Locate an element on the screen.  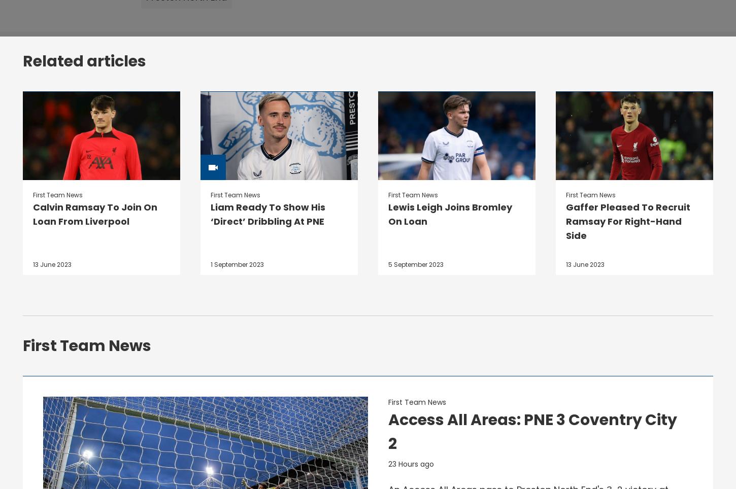
'Calvin Ramsay To Join On Loan From Liverpool' is located at coordinates (94, 214).